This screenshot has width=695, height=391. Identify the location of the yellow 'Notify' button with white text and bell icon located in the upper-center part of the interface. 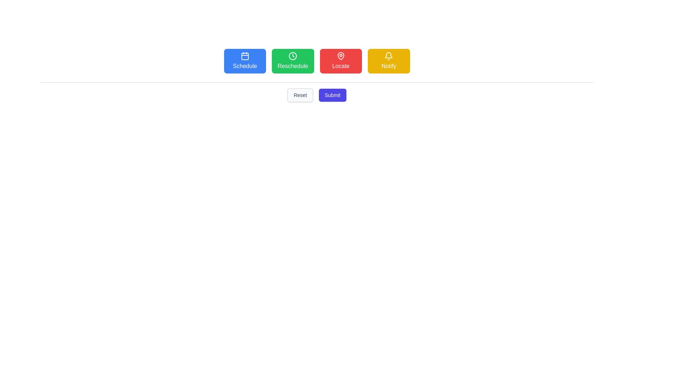
(388, 61).